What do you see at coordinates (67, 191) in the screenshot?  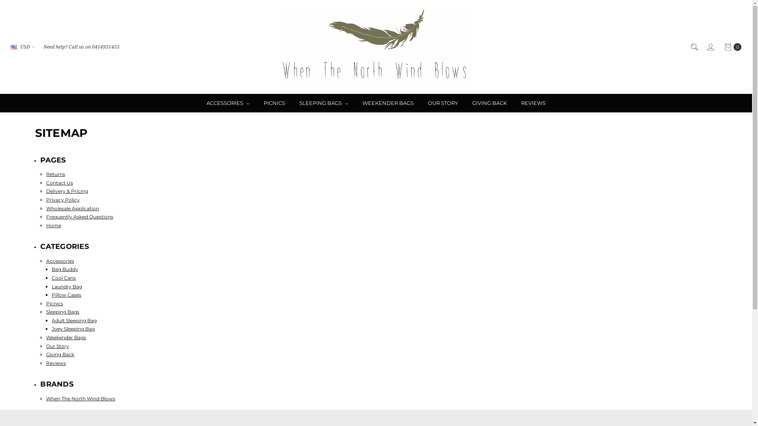 I see `'Delivery & Pricing'` at bounding box center [67, 191].